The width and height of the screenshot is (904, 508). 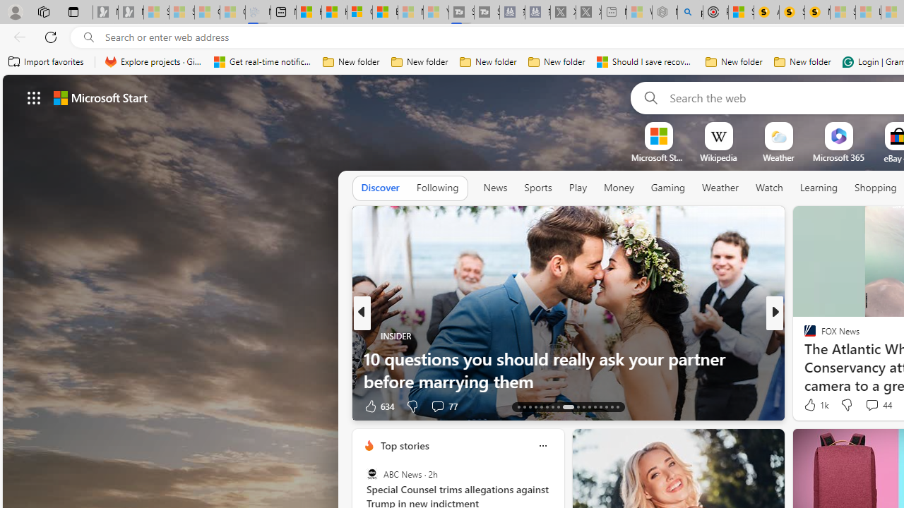 What do you see at coordinates (557, 407) in the screenshot?
I see `'AutomationID: tab-20'` at bounding box center [557, 407].